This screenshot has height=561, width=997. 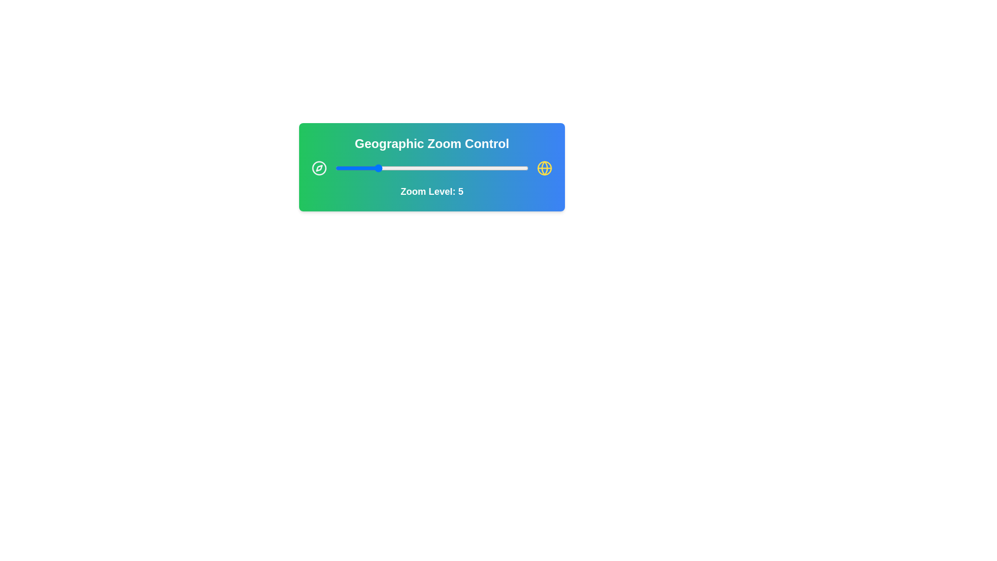 I want to click on the zoom level to 19 by interacting with the slider, so click(x=518, y=168).